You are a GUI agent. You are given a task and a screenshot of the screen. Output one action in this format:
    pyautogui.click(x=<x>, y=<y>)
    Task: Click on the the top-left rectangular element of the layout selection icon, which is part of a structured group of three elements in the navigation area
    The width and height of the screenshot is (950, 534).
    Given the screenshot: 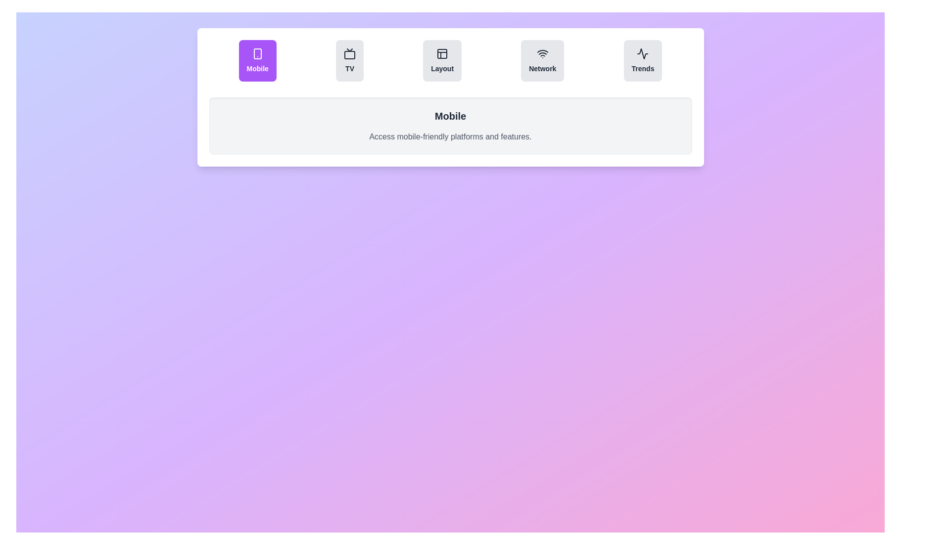 What is the action you would take?
    pyautogui.click(x=442, y=53)
    